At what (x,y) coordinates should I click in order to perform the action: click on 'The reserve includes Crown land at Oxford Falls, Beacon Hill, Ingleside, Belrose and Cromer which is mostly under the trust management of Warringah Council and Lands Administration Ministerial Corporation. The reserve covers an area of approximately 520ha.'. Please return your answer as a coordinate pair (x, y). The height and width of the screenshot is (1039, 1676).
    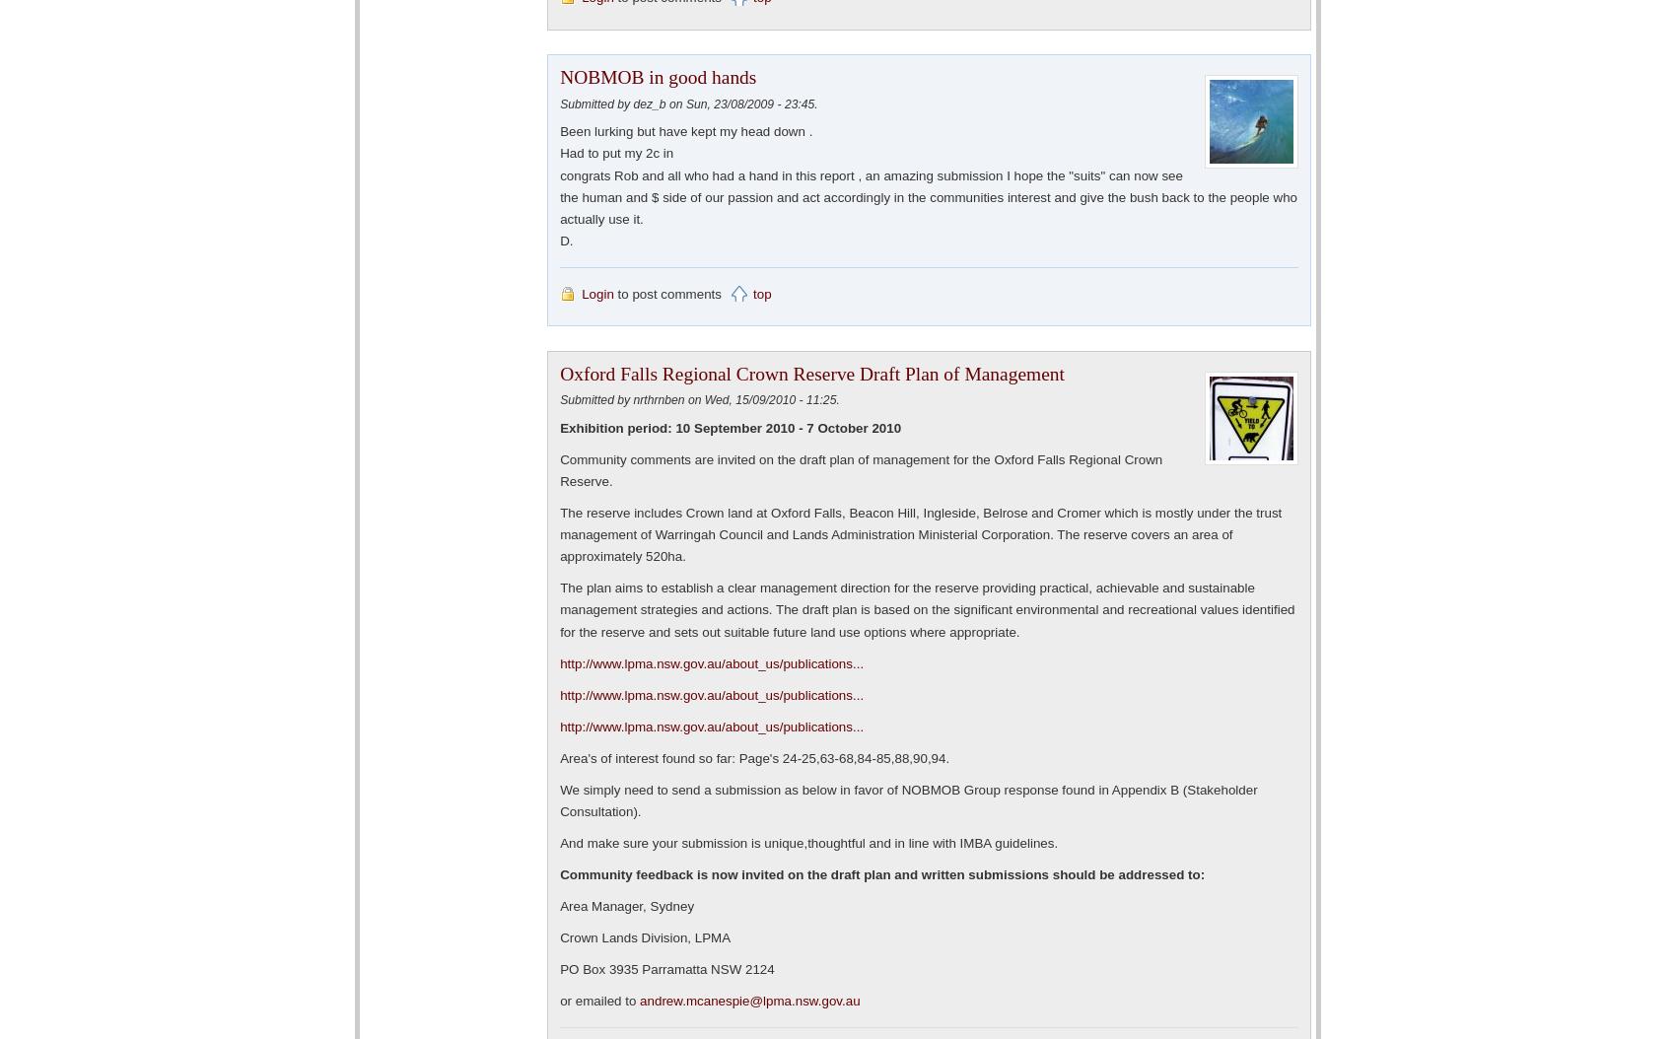
    Looking at the image, I should click on (920, 534).